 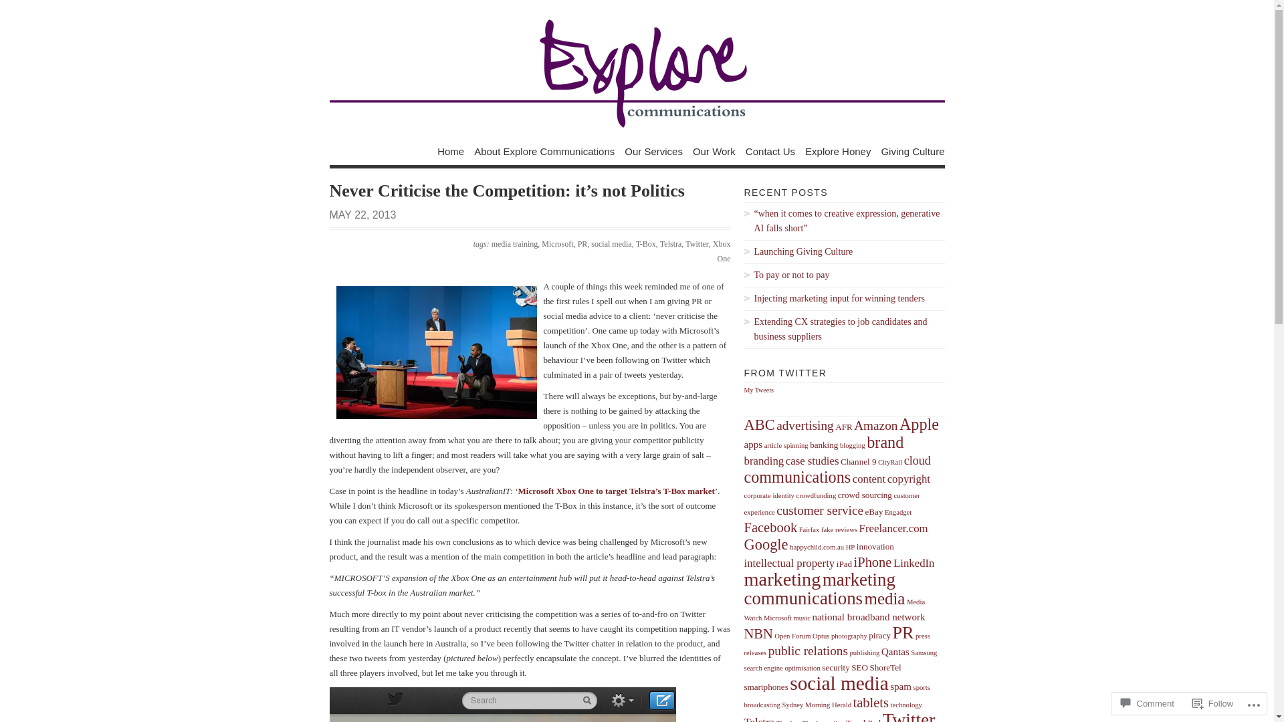 What do you see at coordinates (557, 244) in the screenshot?
I see `'Microsoft'` at bounding box center [557, 244].